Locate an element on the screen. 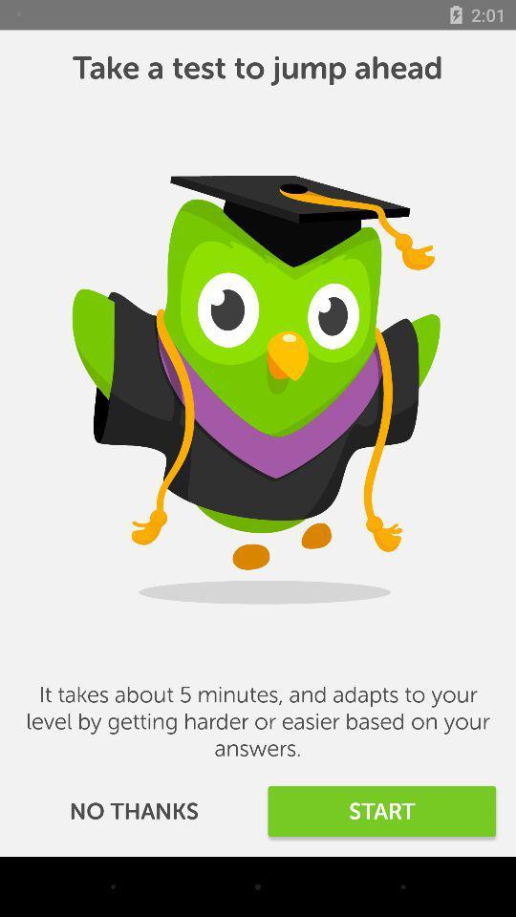 The height and width of the screenshot is (917, 516). the start item is located at coordinates (381, 810).